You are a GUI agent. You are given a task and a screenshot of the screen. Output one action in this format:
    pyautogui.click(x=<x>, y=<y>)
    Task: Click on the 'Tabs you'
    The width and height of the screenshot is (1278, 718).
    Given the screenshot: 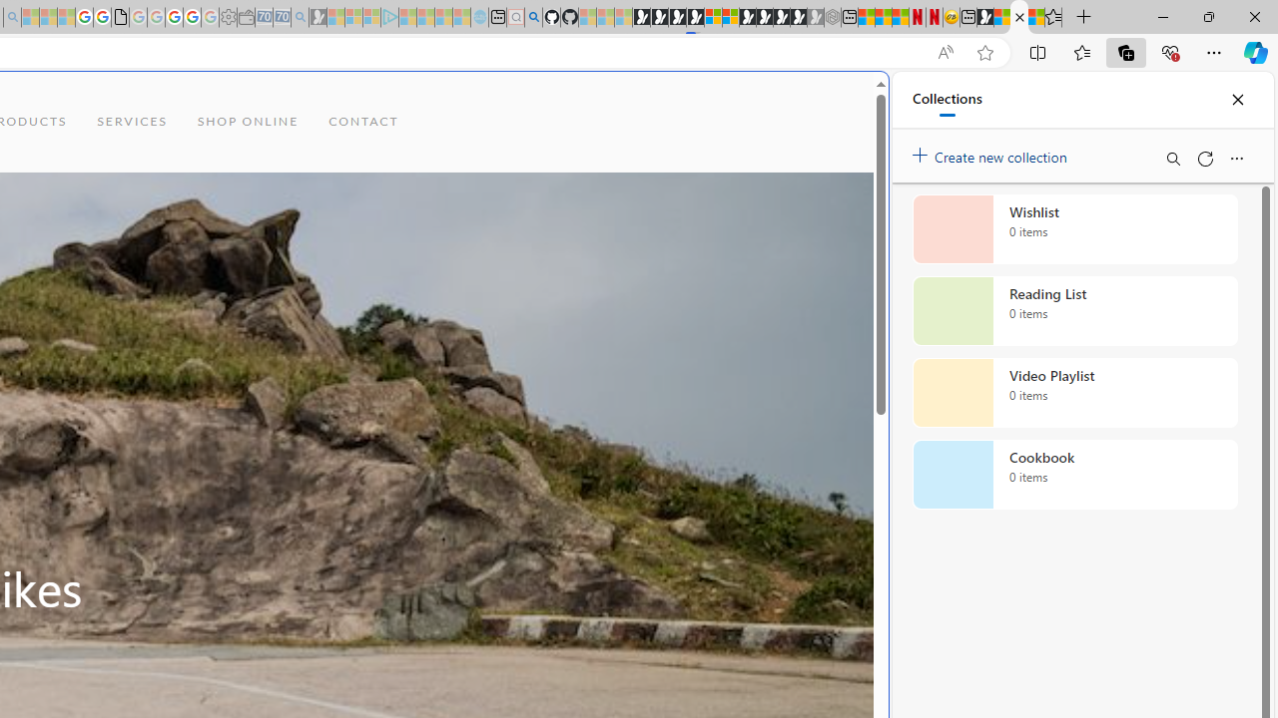 What is the action you would take?
    pyautogui.click(x=276, y=264)
    